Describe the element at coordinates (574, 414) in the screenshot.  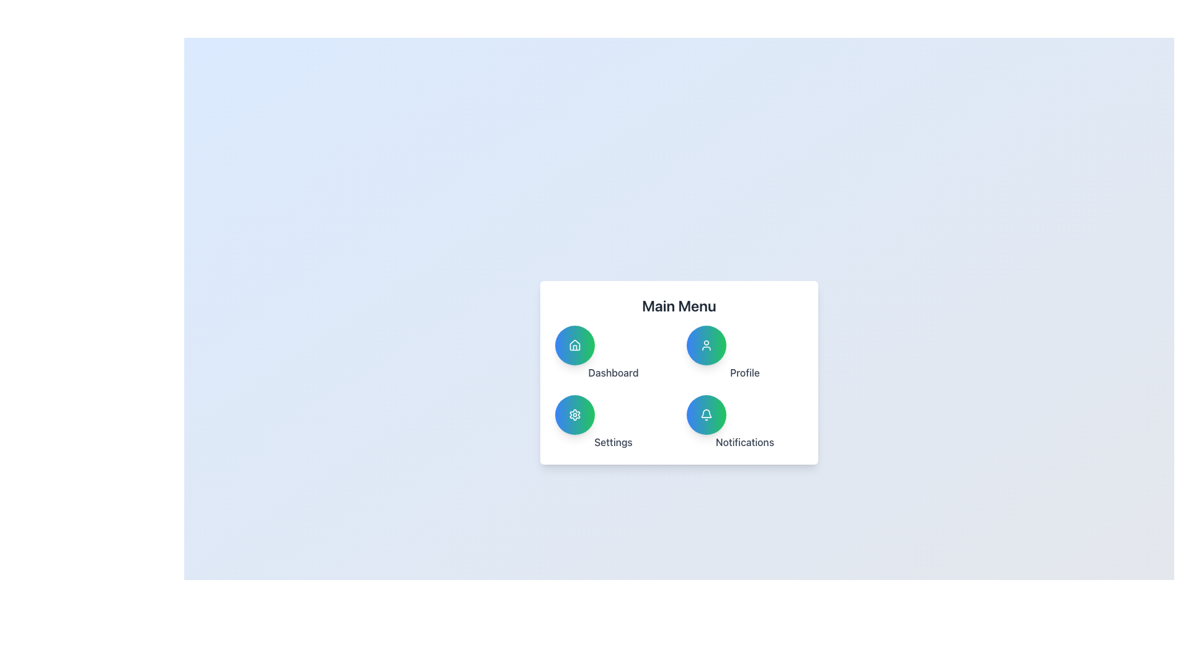
I see `the 'Settings' button which features a gear-like icon with a blue to green gradient and white accents, located in the bottom-left section of the menu panel` at that location.